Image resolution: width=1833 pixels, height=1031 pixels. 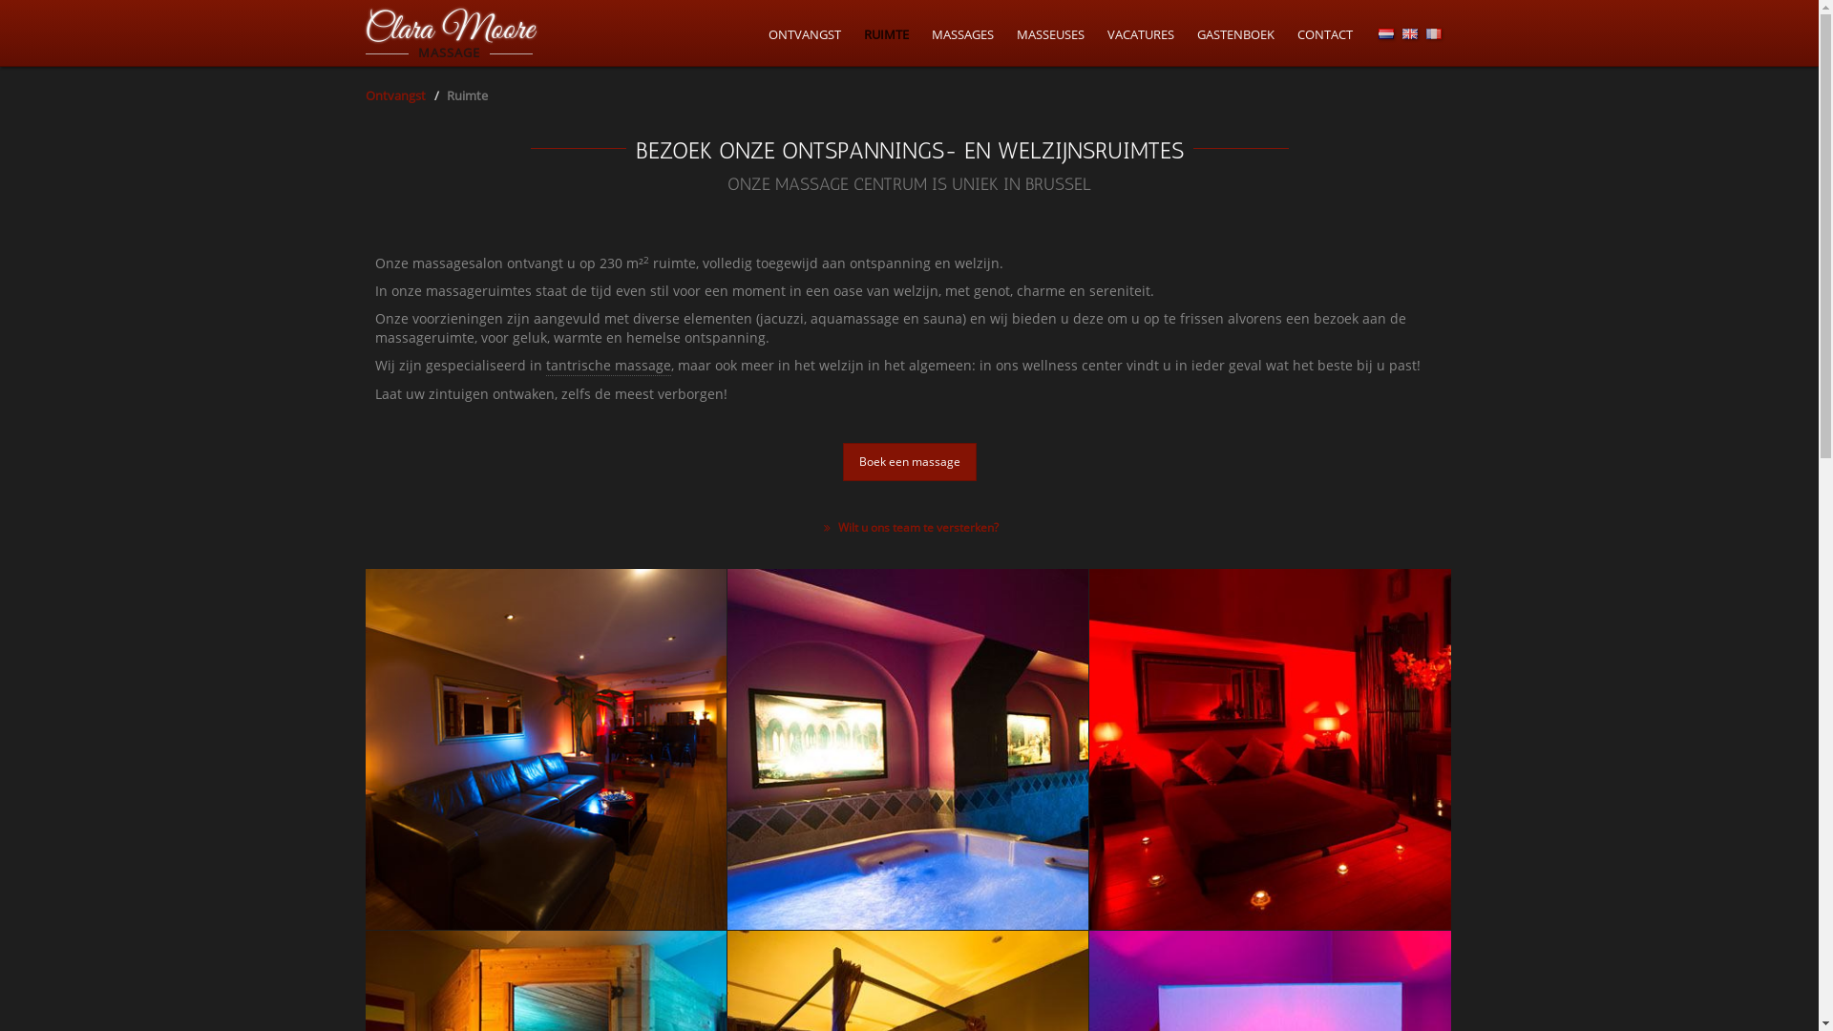 What do you see at coordinates (803, 34) in the screenshot?
I see `'ONTVANGST'` at bounding box center [803, 34].